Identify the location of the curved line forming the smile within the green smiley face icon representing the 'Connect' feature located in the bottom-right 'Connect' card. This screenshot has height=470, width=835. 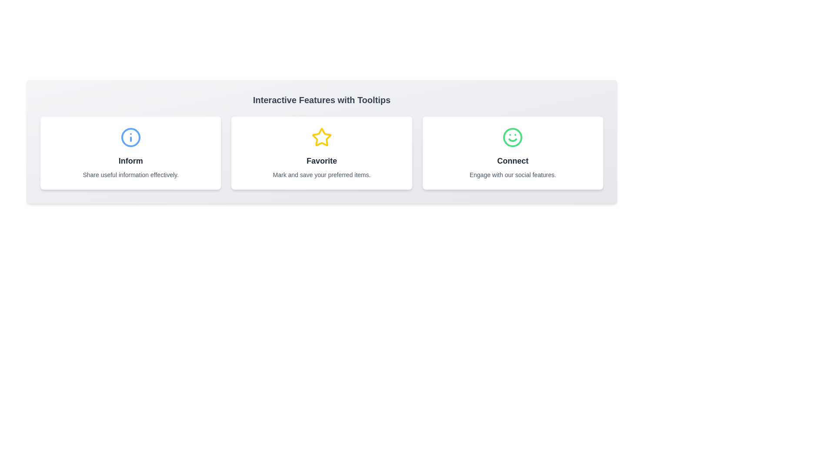
(513, 139).